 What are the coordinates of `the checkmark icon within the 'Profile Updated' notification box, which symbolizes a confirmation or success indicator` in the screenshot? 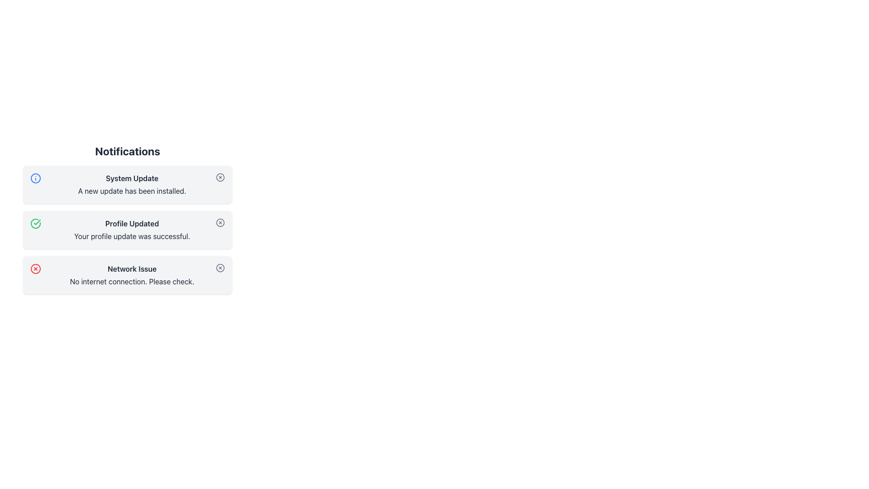 It's located at (37, 222).